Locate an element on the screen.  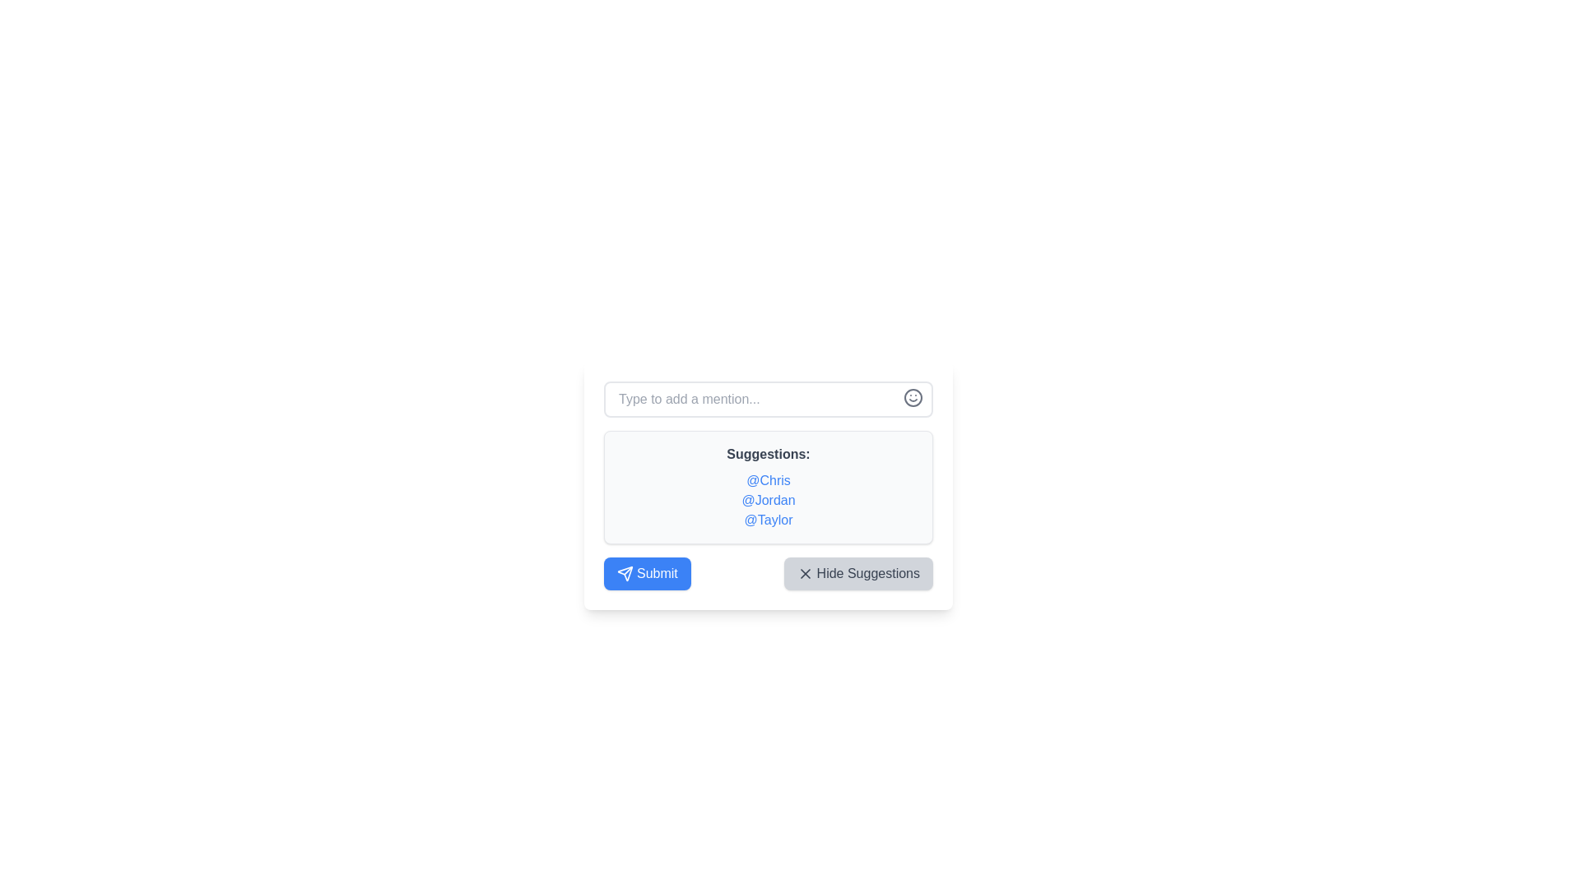
keyboard navigation is located at coordinates (768, 520).